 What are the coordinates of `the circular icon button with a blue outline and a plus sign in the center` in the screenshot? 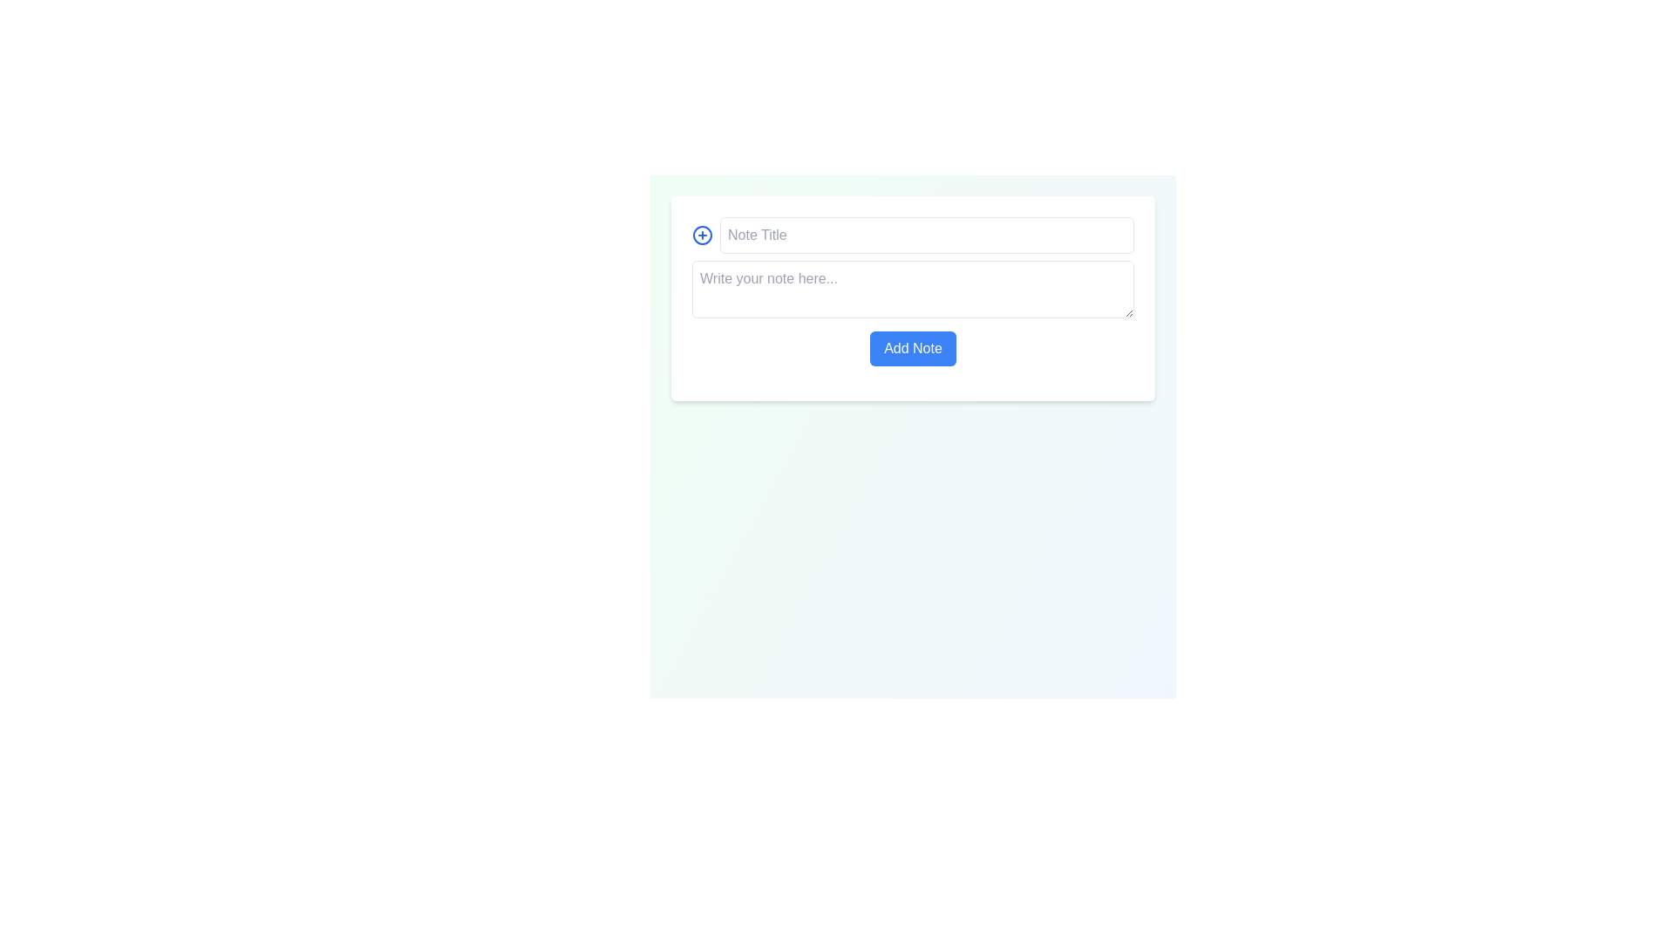 It's located at (703, 235).